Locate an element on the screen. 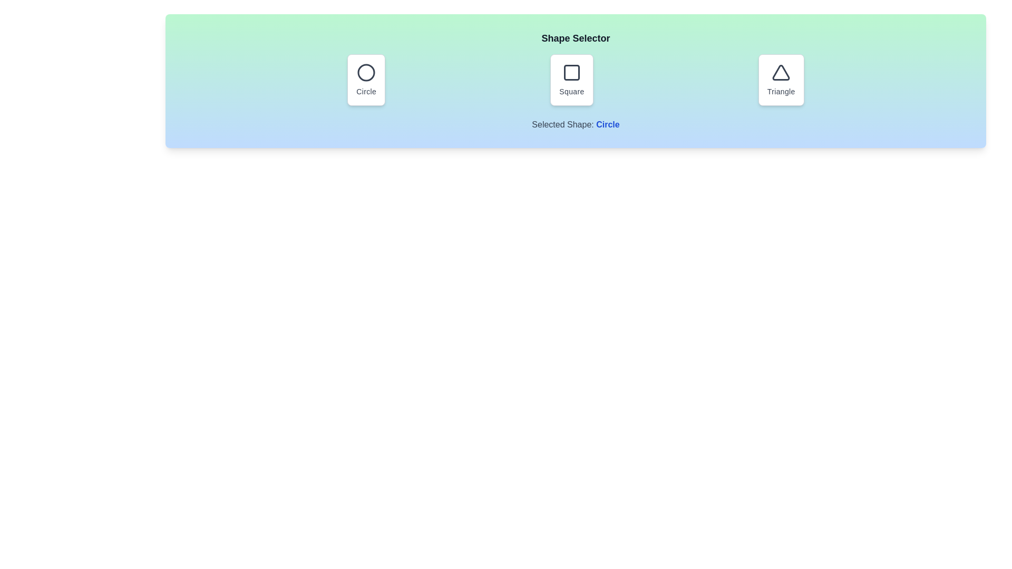  the shape triangle by clicking its corresponding button is located at coordinates (781, 79).